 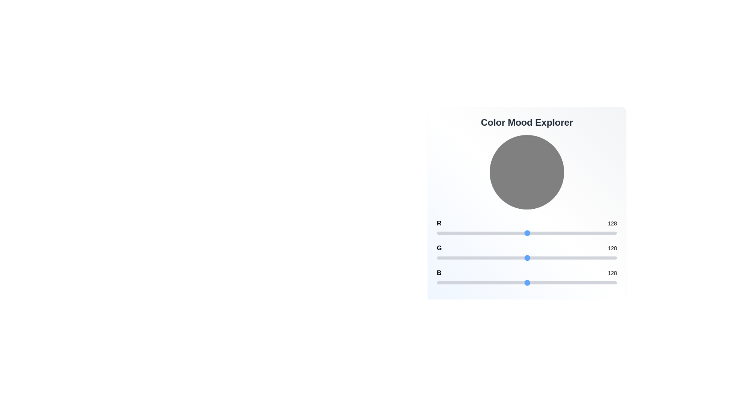 What do you see at coordinates (609, 283) in the screenshot?
I see `the blue channel slider to set the value to 245` at bounding box center [609, 283].